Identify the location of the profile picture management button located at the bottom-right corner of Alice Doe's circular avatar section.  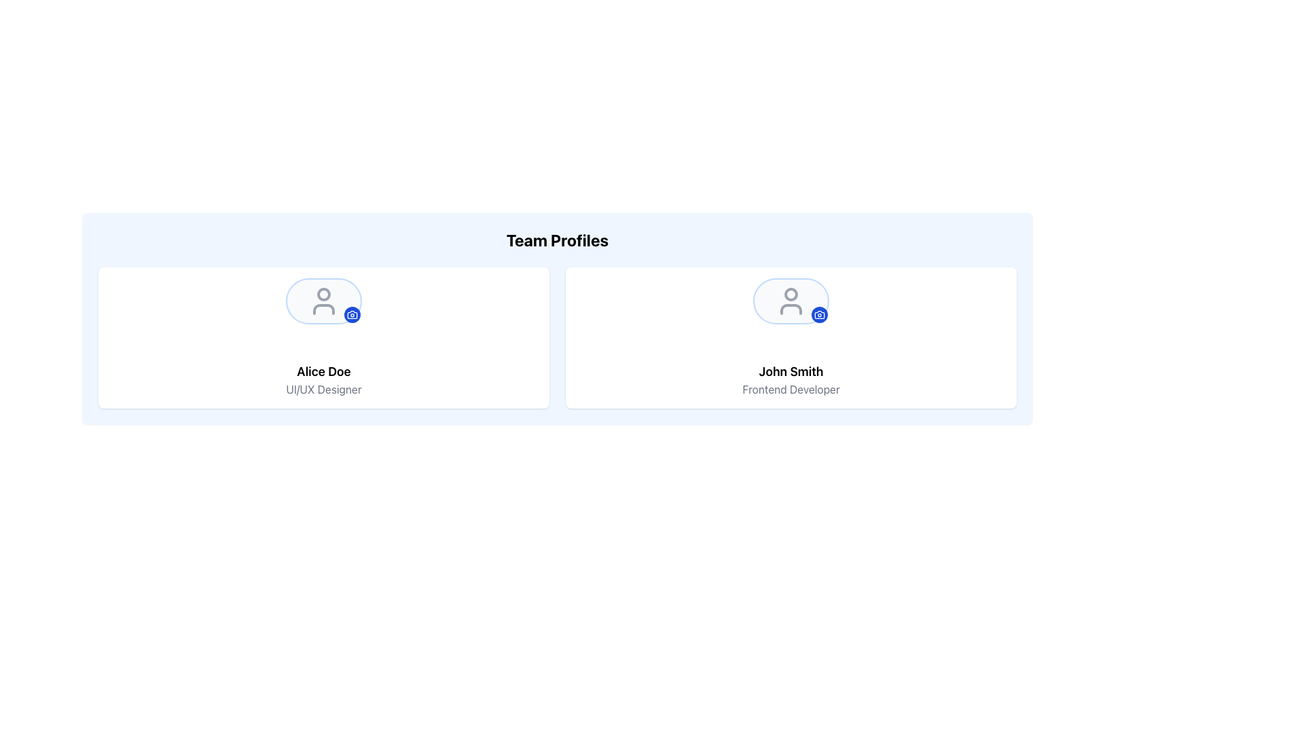
(352, 314).